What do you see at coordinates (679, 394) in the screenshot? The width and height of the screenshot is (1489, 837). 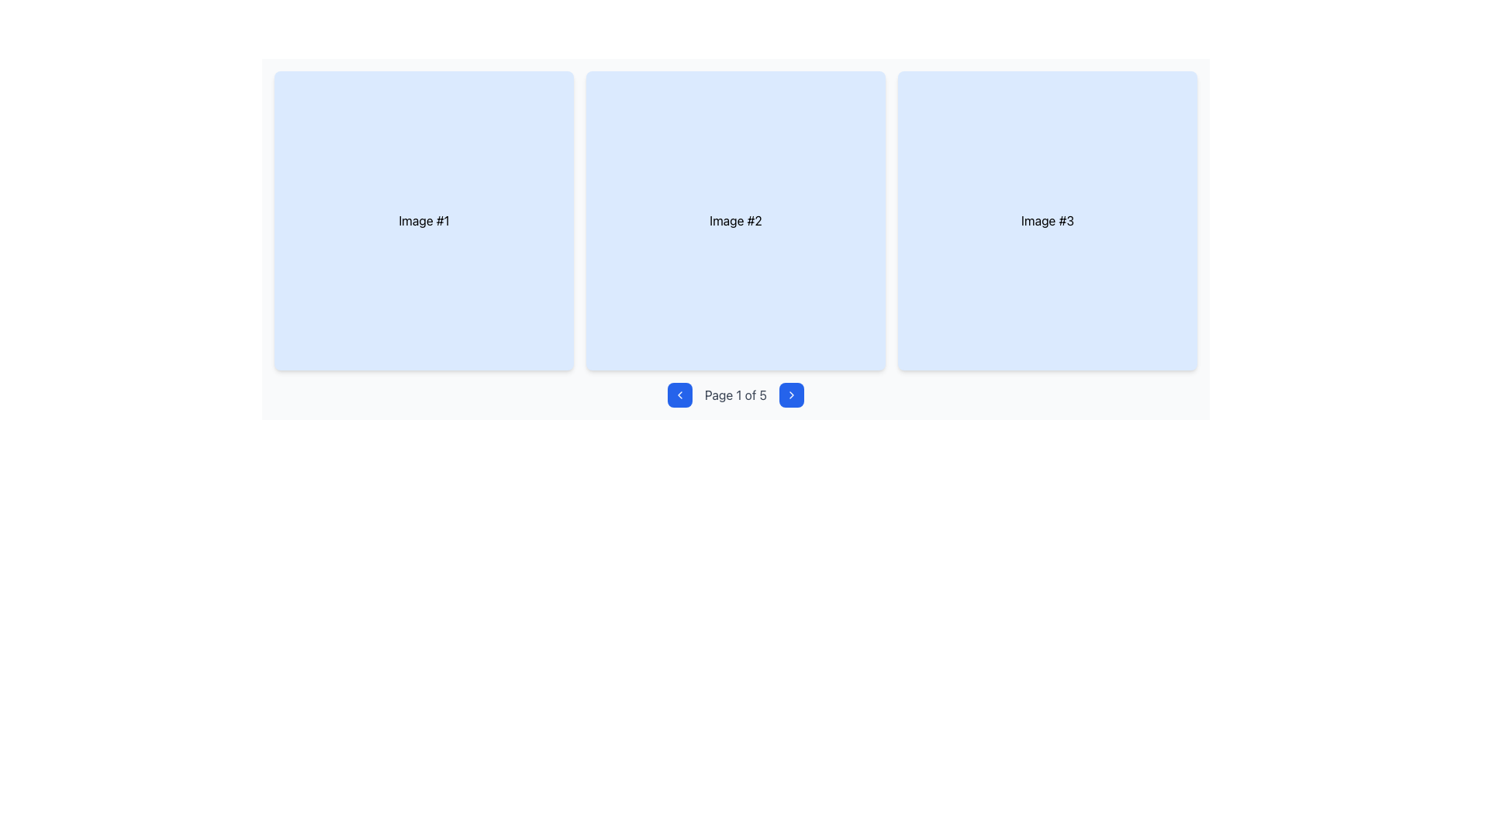 I see `the navigation button icon located at the bottom center of the interface to move one step backwards in the pagination sequence` at bounding box center [679, 394].